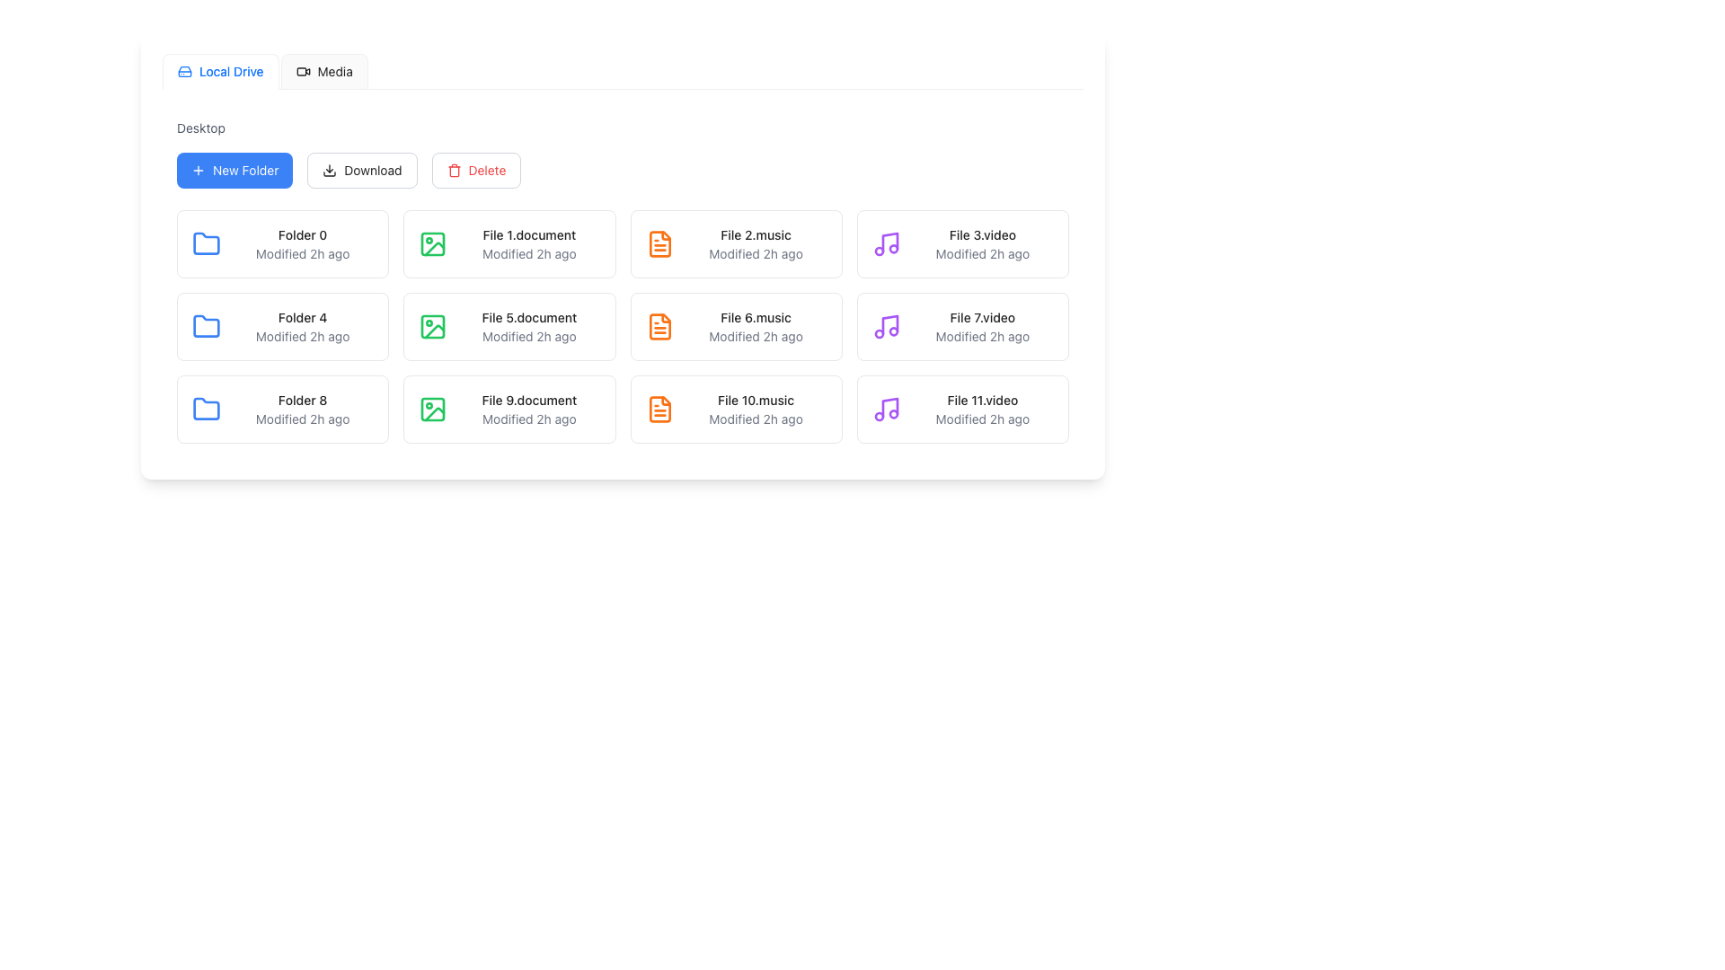  I want to click on the folder icon associated with 'Folder 8', which is located in the third row of the left column in the grid, so click(207, 409).